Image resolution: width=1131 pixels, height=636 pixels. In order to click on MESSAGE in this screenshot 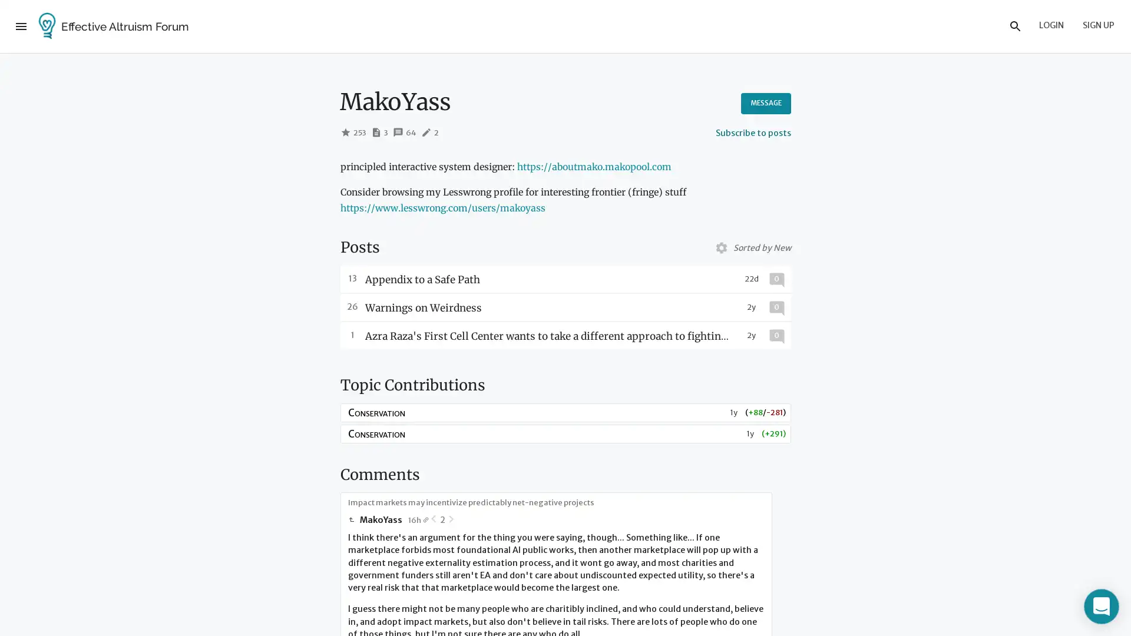, I will do `click(765, 103)`.